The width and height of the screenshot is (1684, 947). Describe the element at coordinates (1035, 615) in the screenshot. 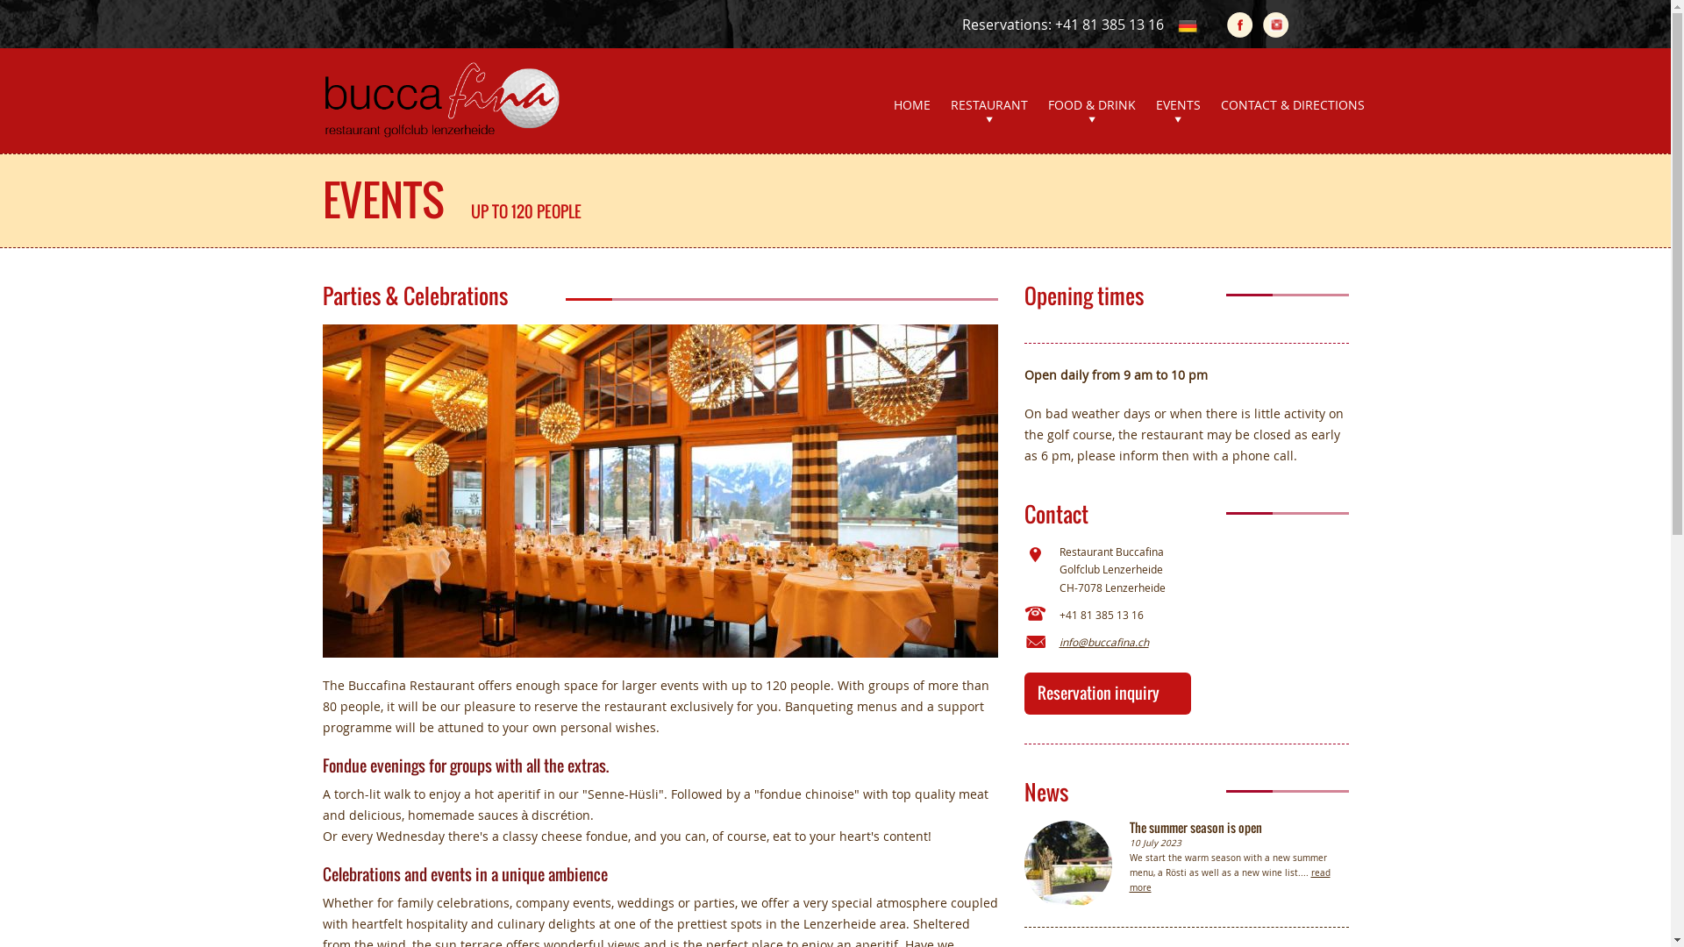

I see `'Phone'` at that location.